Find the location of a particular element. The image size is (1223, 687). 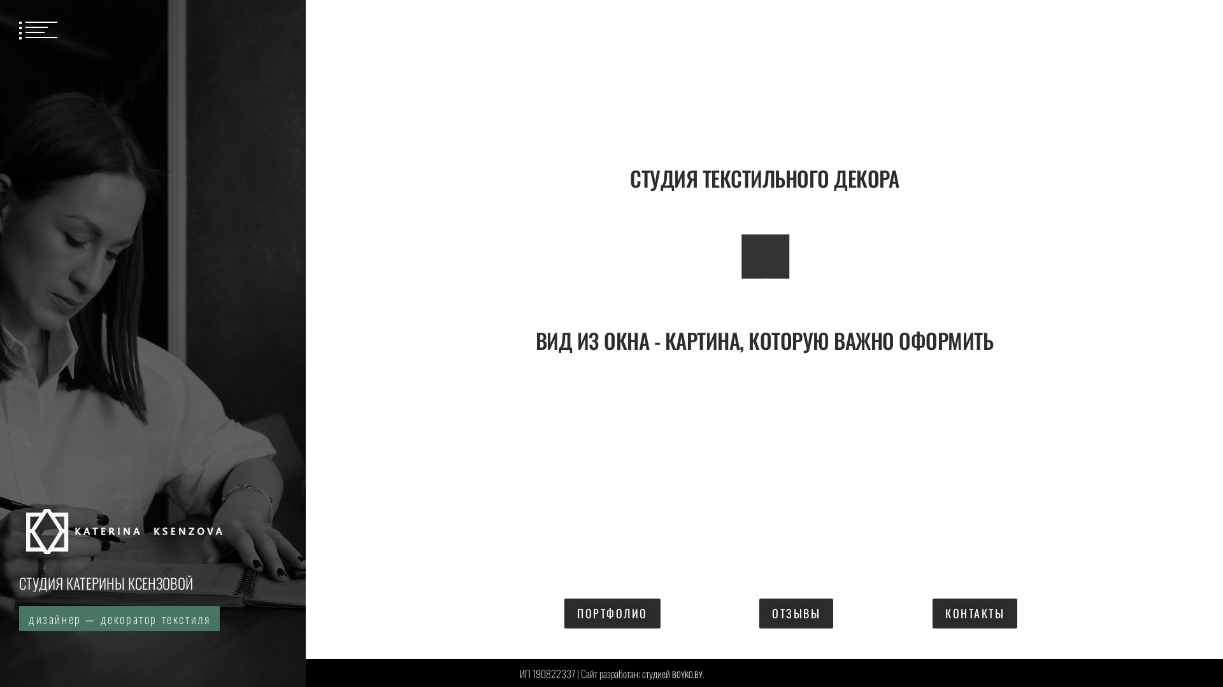

'BOYKO.BY' is located at coordinates (686, 671).